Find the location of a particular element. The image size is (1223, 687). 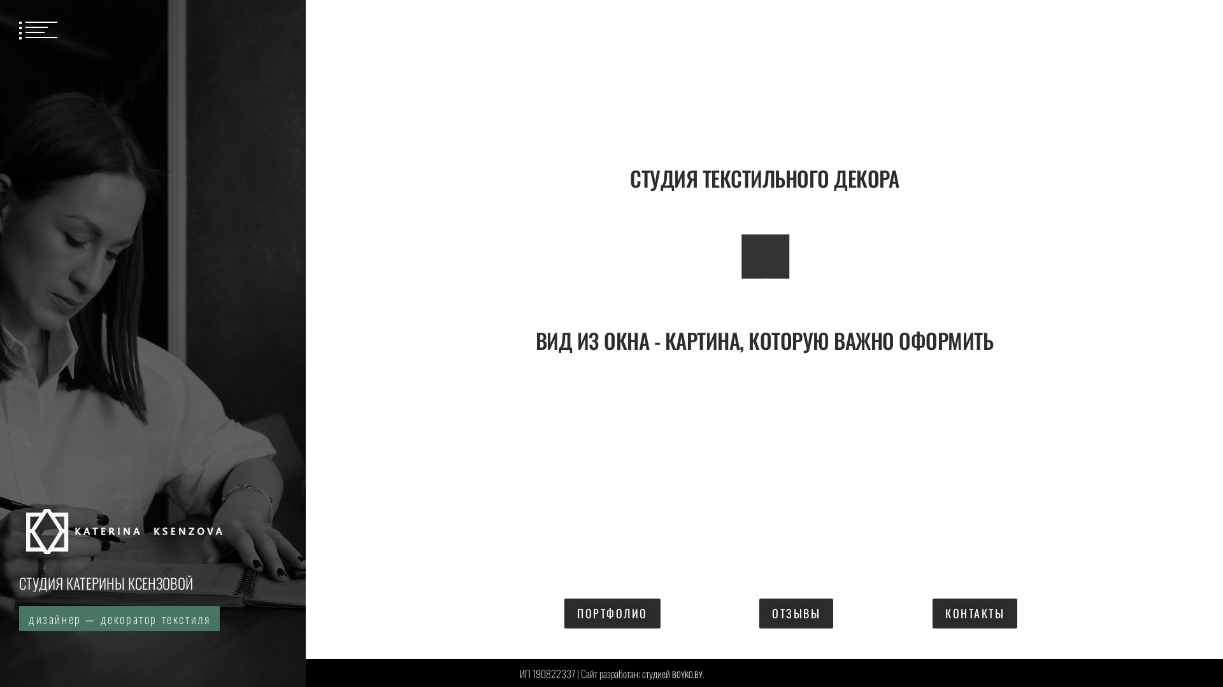

'BOYKO.BY' is located at coordinates (686, 671).